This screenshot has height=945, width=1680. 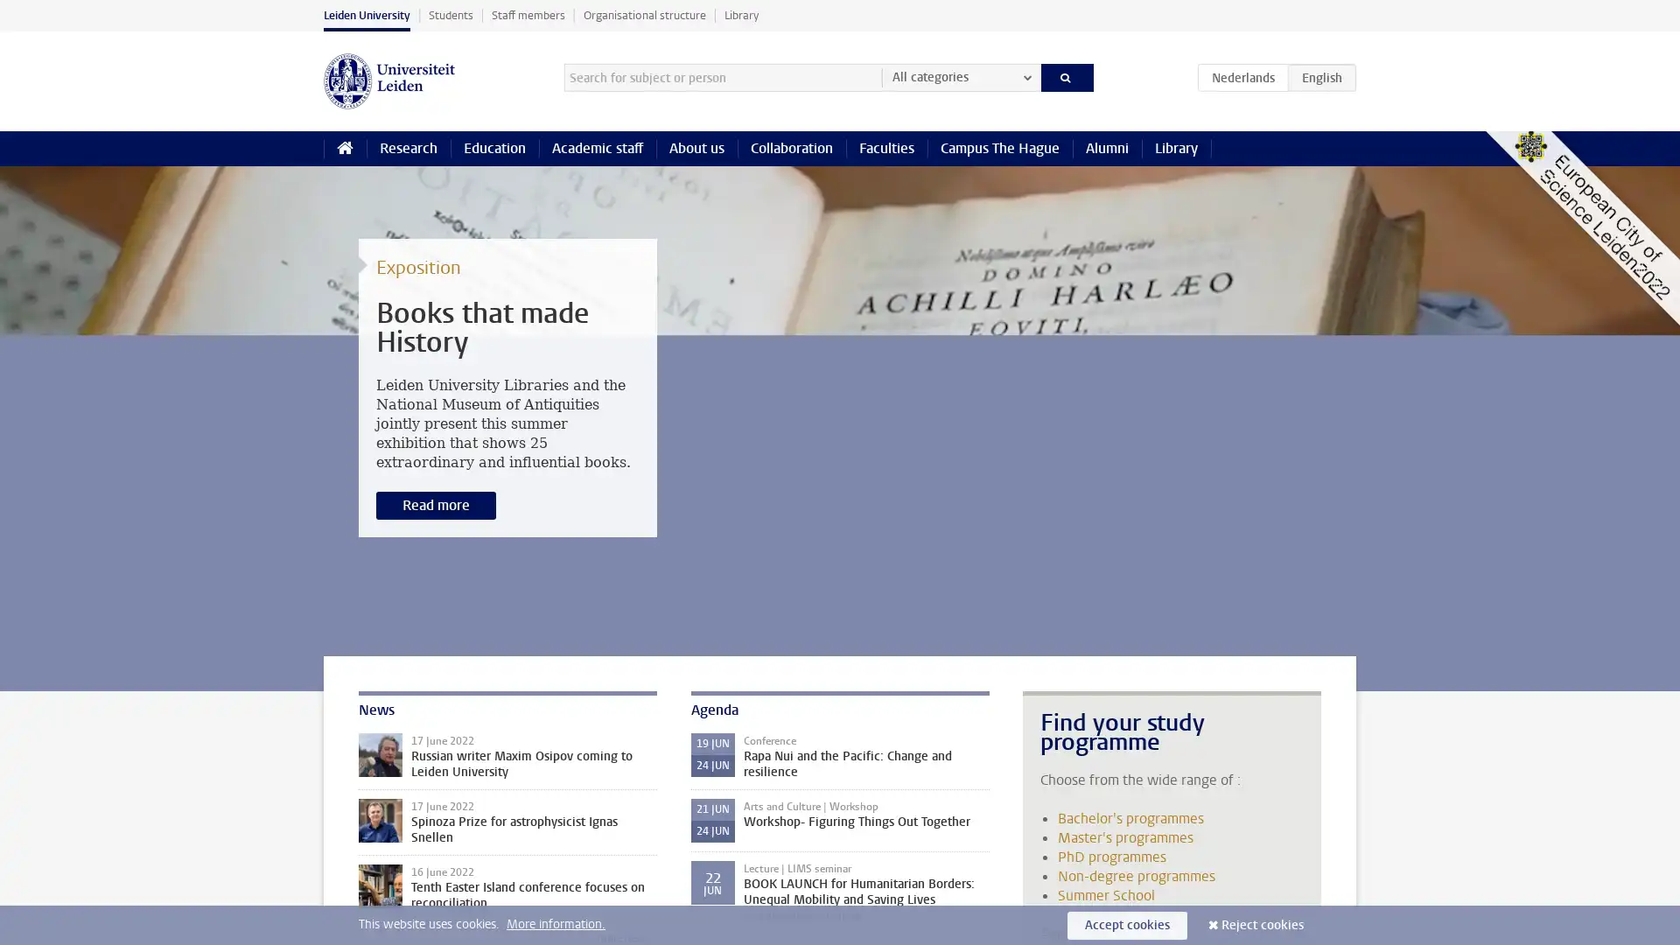 What do you see at coordinates (1066, 76) in the screenshot?
I see `Search` at bounding box center [1066, 76].